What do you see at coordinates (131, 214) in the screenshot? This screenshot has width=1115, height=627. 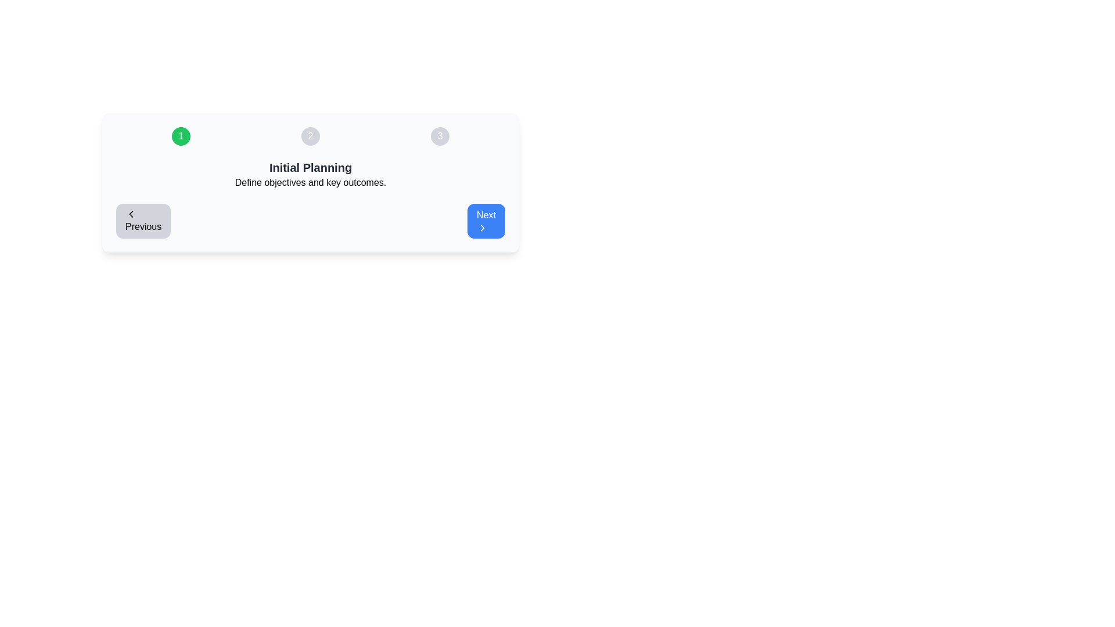 I see `the 'Previous' icon located to the left of the text 'Previous' in the bottom-left corner of the card` at bounding box center [131, 214].